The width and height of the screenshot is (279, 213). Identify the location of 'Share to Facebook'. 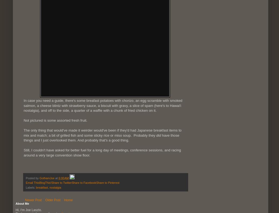
(84, 182).